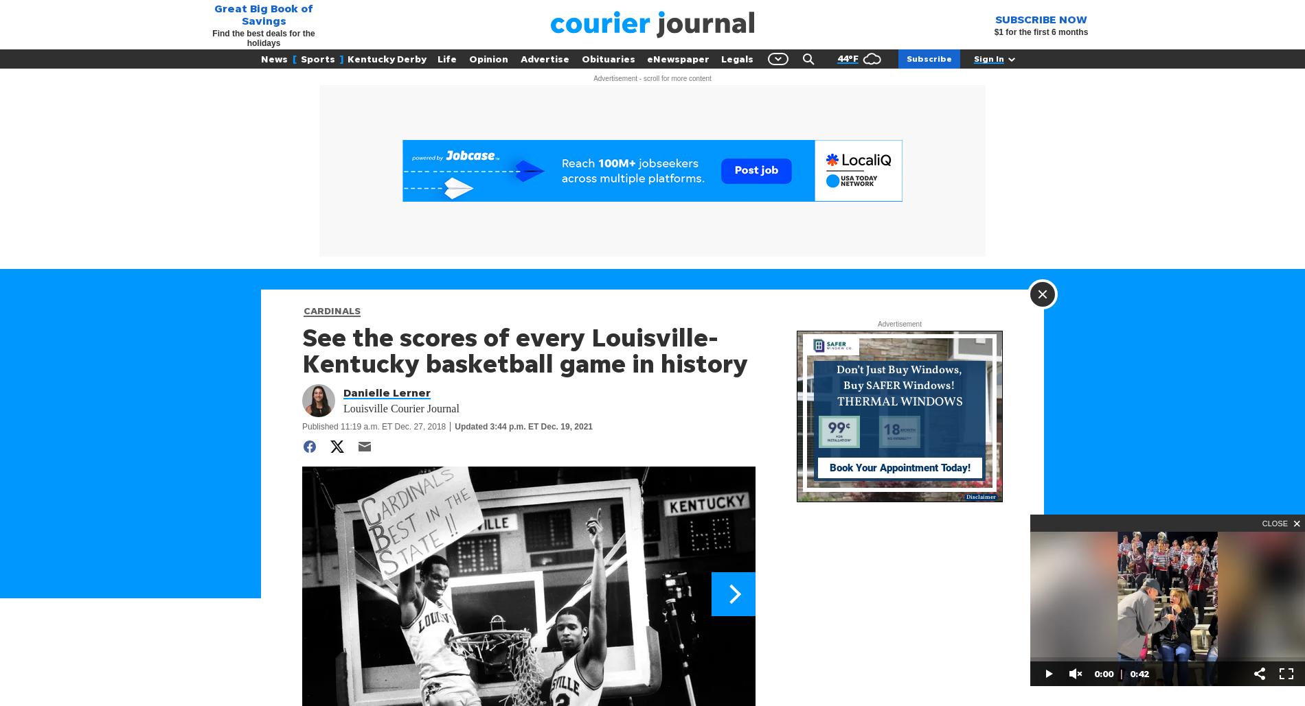  I want to click on 'Sports', so click(317, 58).